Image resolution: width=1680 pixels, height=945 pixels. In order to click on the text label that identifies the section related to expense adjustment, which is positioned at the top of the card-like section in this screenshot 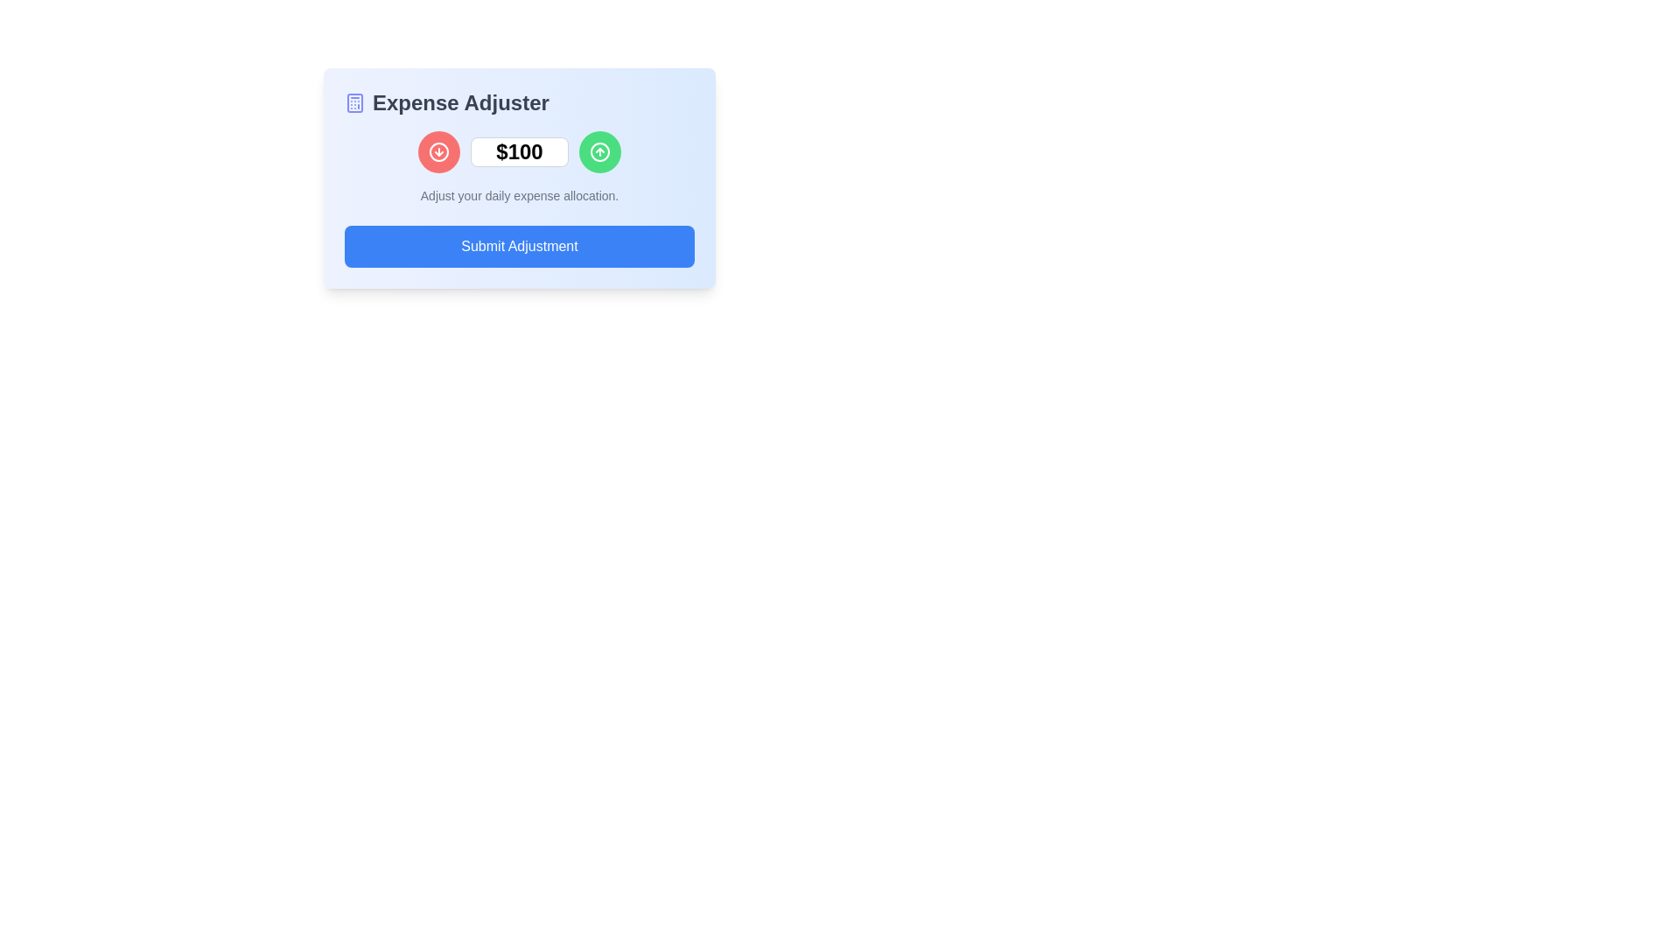, I will do `click(519, 103)`.